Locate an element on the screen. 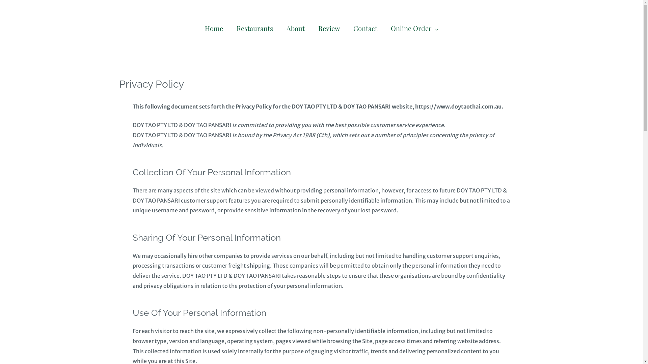  'Restaurants' is located at coordinates (230, 27).